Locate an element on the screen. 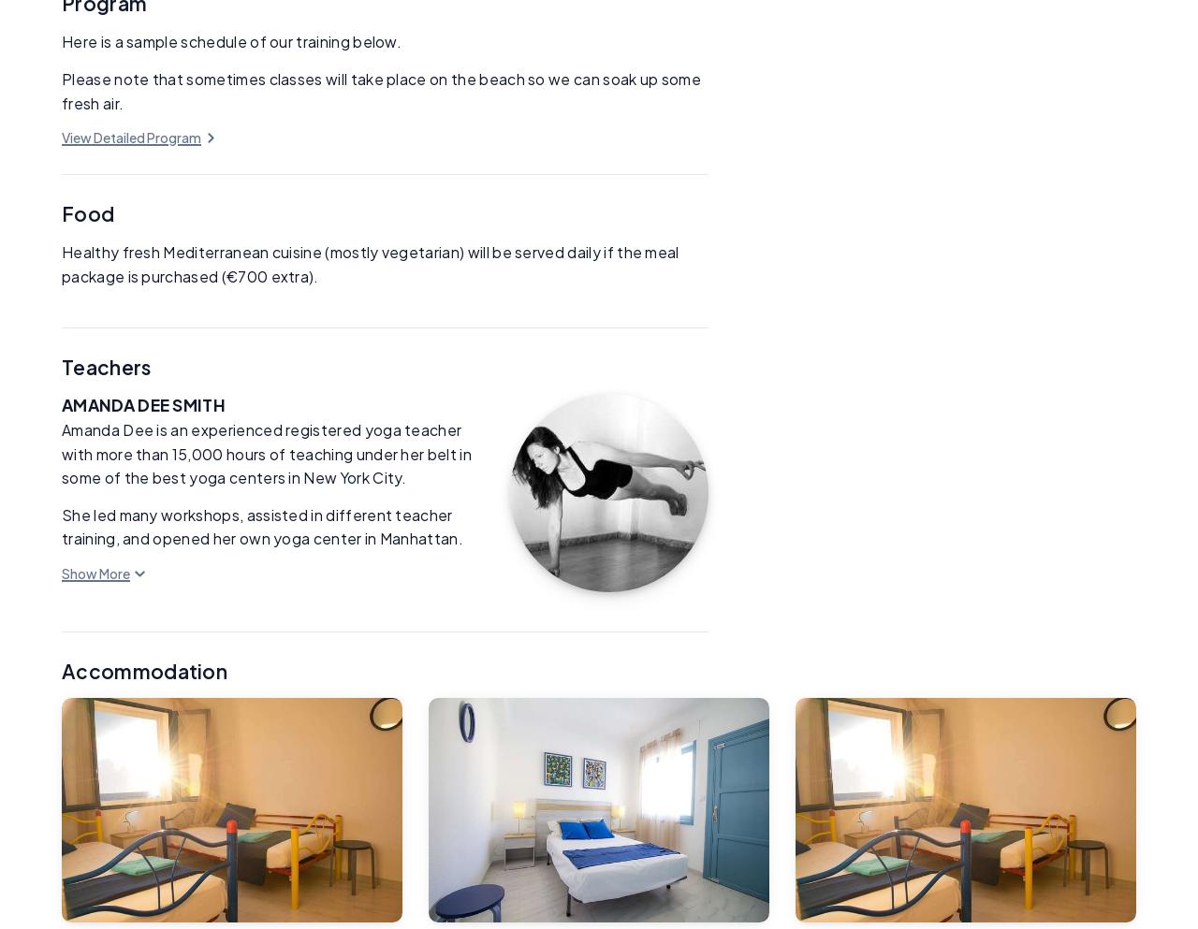 This screenshot has height=929, width=1198. 'Show More' is located at coordinates (95, 572).